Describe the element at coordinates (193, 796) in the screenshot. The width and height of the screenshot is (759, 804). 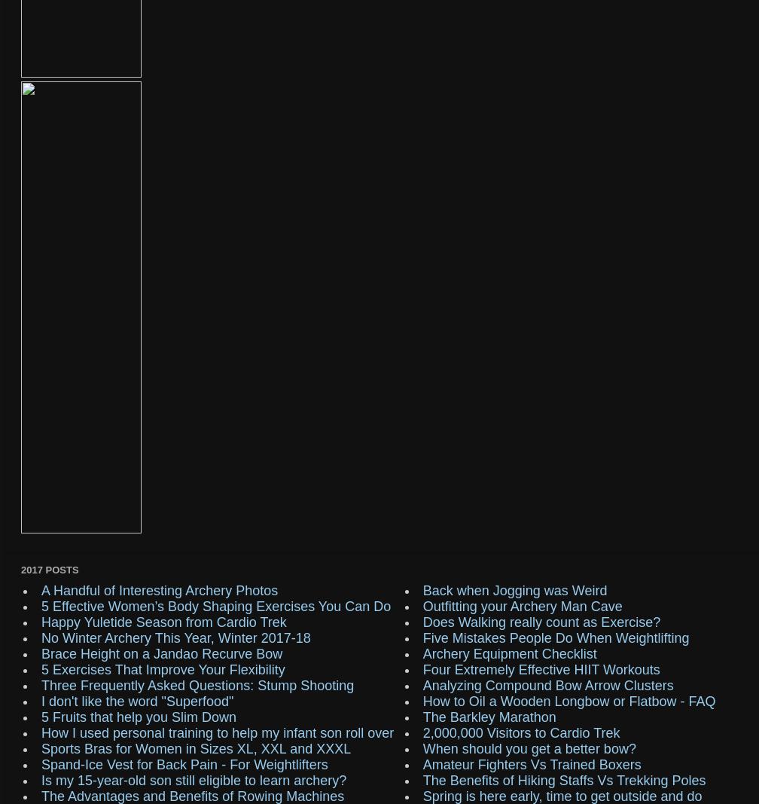
I see `'The Advantages and Benefits of Rowing Machines'` at that location.